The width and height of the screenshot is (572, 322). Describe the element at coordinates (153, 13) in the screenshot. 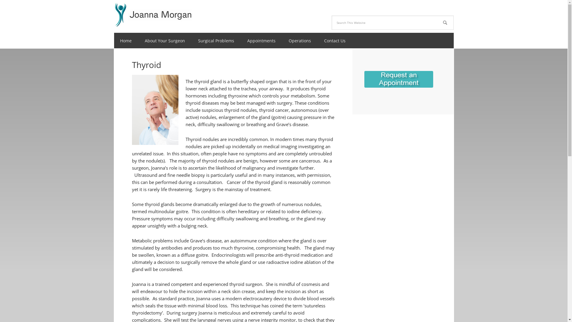

I see `'Dr Joanna Morgan'` at that location.